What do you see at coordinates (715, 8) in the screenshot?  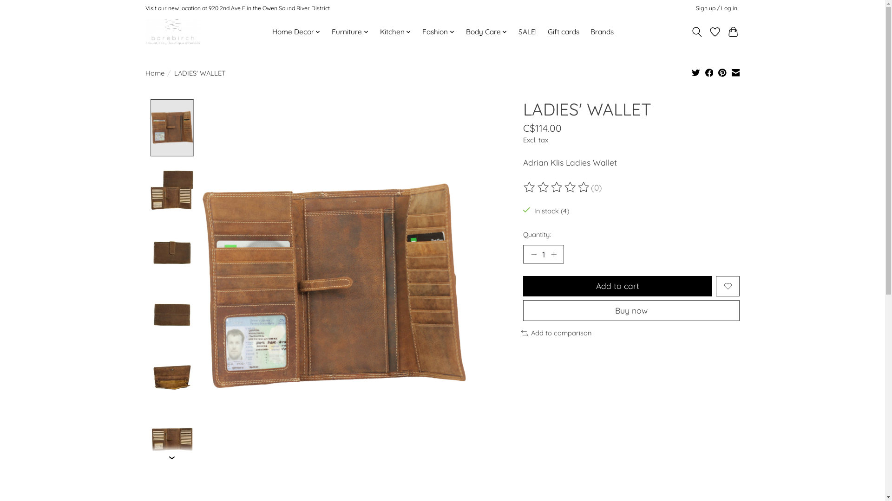 I see `'Sign up / Log in'` at bounding box center [715, 8].